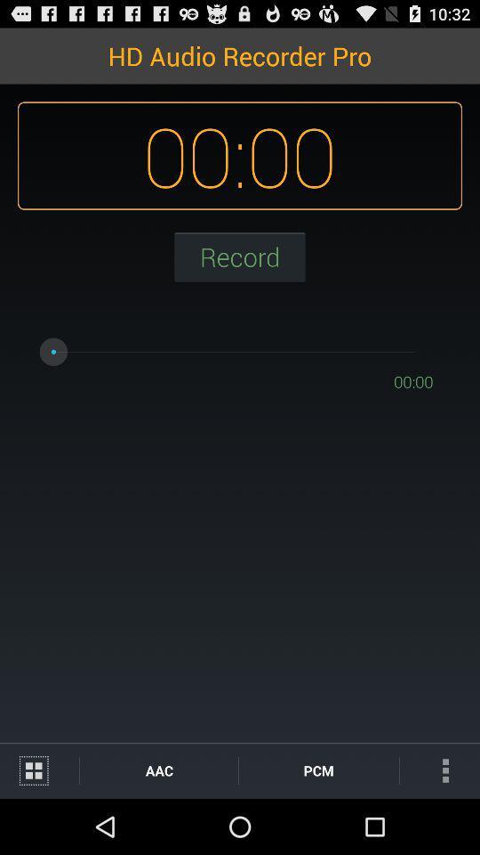 This screenshot has height=855, width=480. Describe the element at coordinates (317, 769) in the screenshot. I see `the icon at the bottom` at that location.